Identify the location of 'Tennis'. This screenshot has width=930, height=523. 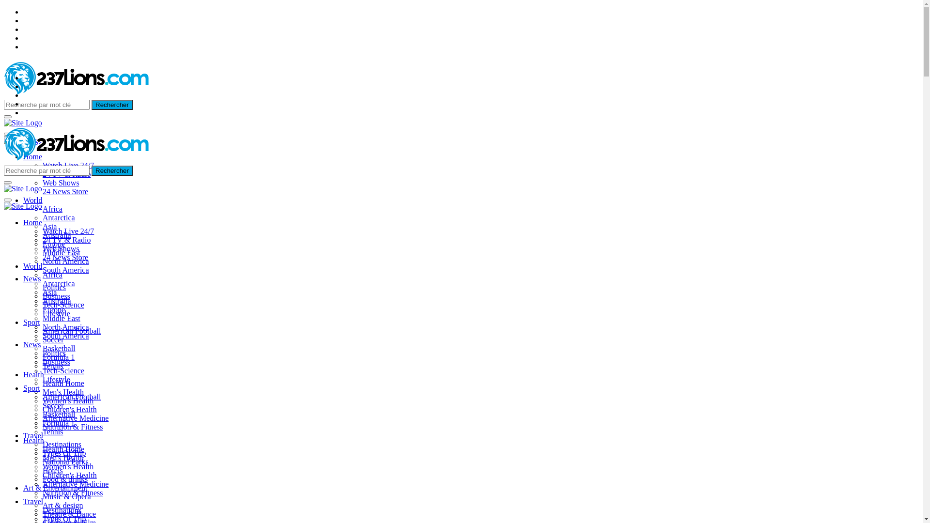
(52, 431).